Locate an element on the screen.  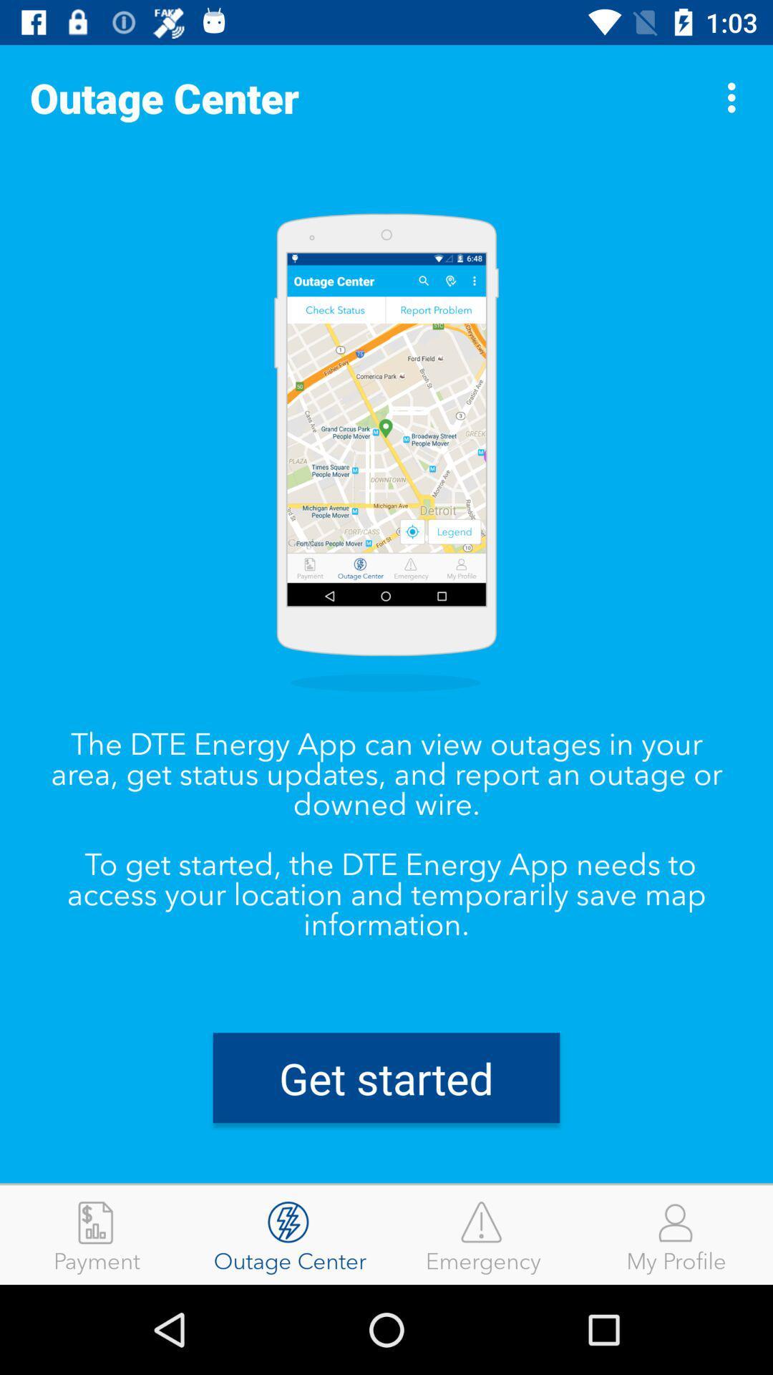
the item at the bottom left corner is located at coordinates (97, 1234).